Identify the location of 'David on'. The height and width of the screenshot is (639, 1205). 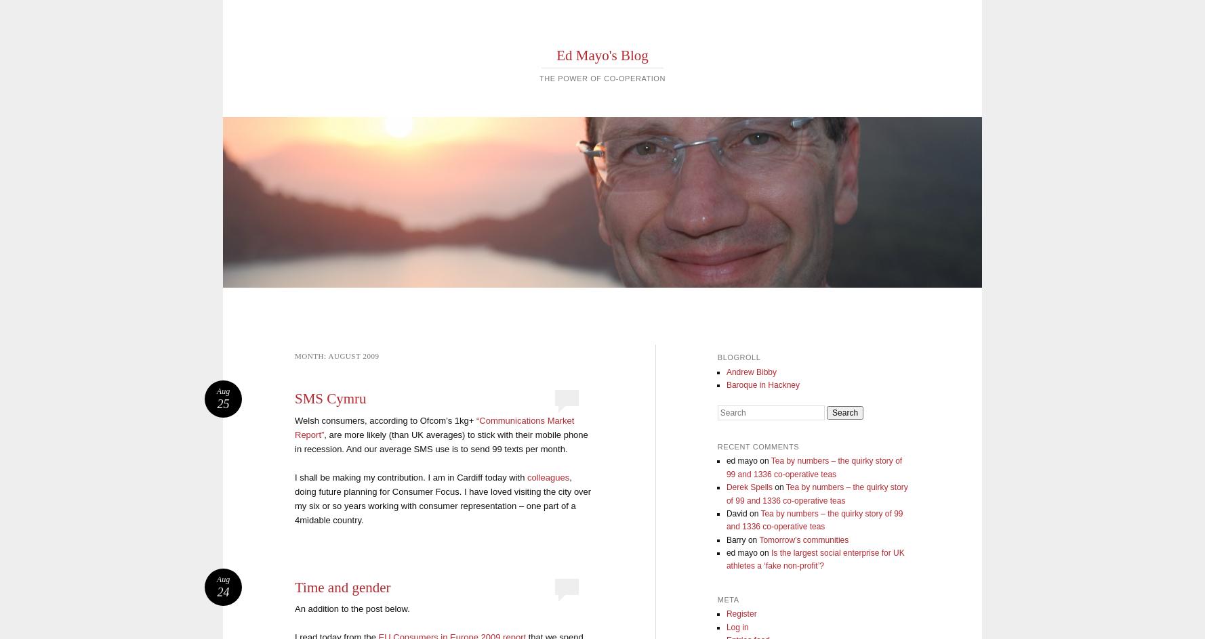
(742, 513).